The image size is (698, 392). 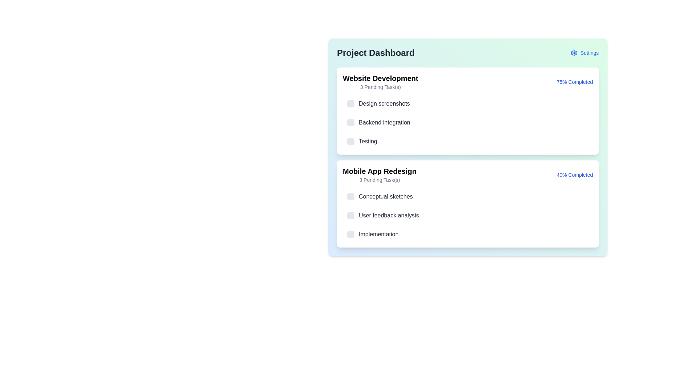 I want to click on descriptive text in the header block for the 'Mobile App Redesign' section, which is located in the second card on the page, beneath the 'Website Development' card, so click(x=379, y=175).